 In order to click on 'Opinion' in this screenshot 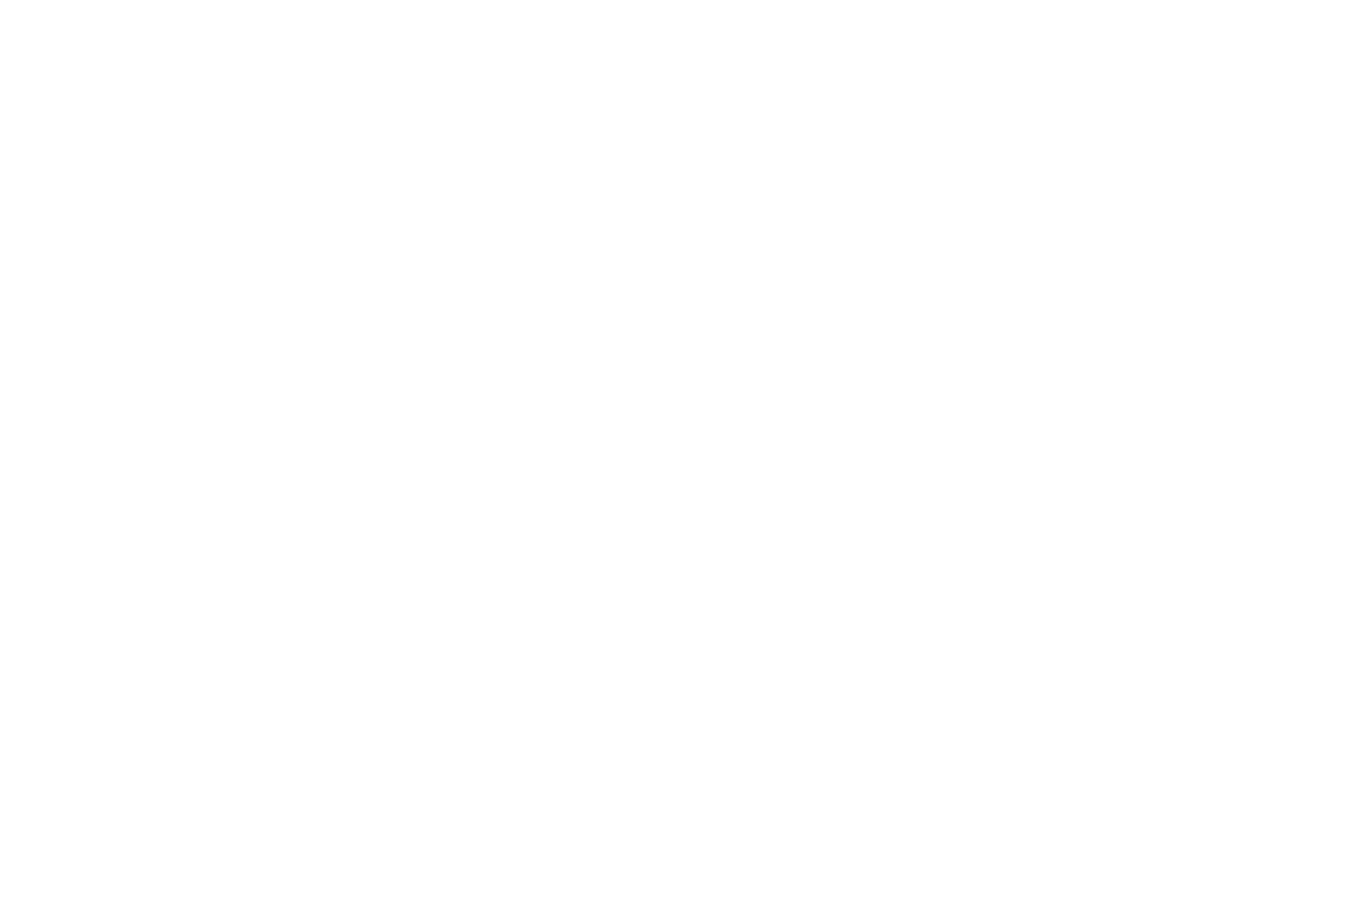, I will do `click(1049, 505)`.